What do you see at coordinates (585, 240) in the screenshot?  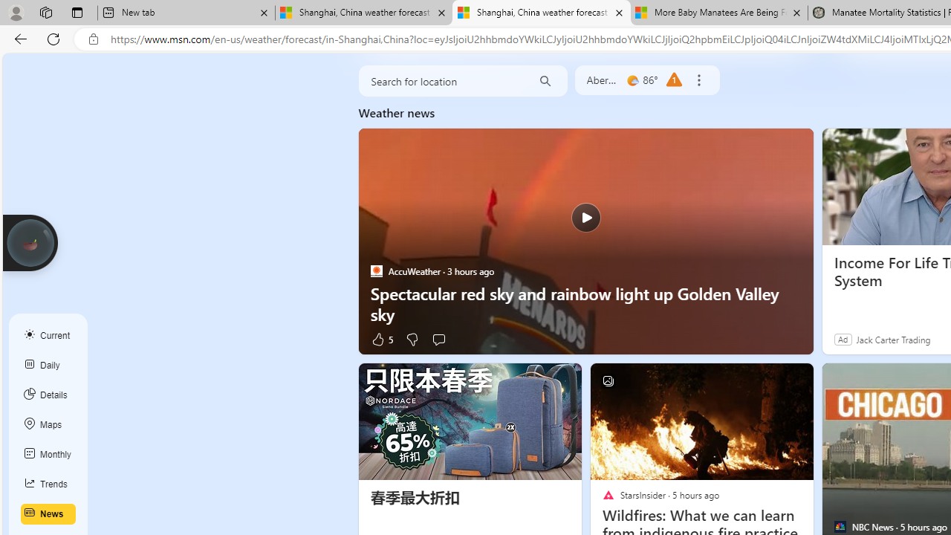 I see `'Spectacular red sky and rainbow light up Golden Valley sky'` at bounding box center [585, 240].